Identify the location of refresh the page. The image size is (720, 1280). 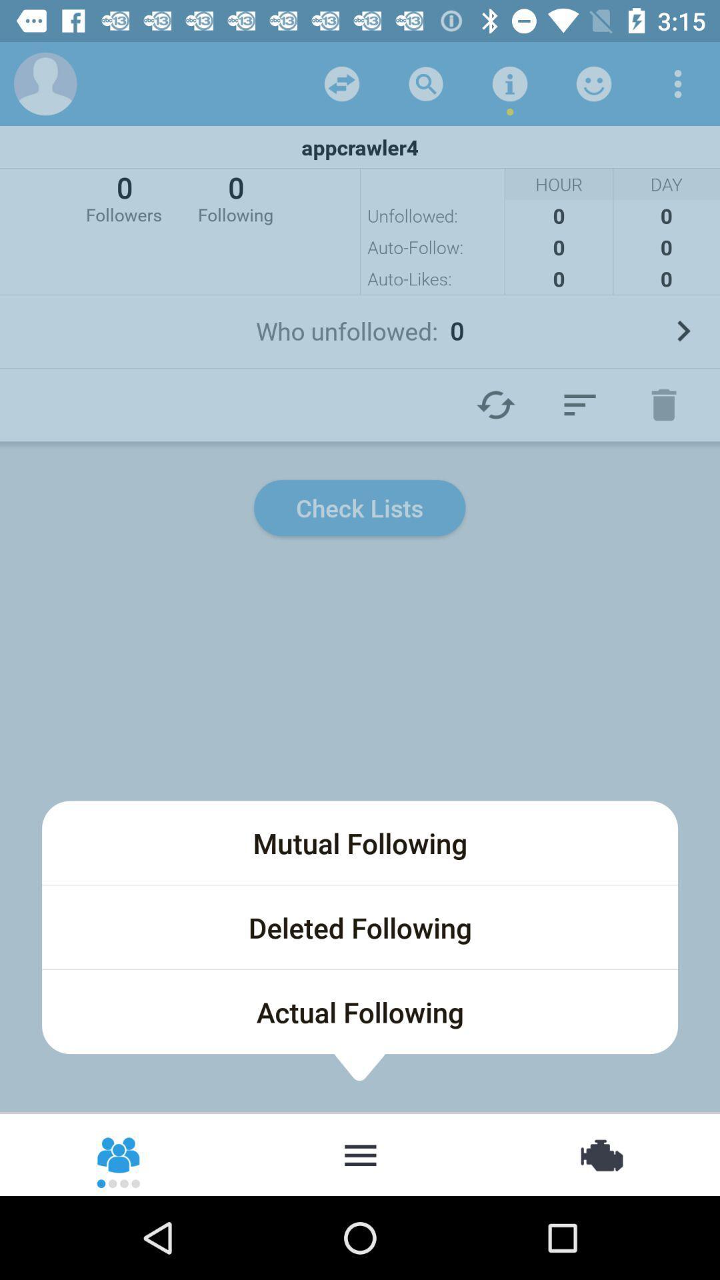
(496, 404).